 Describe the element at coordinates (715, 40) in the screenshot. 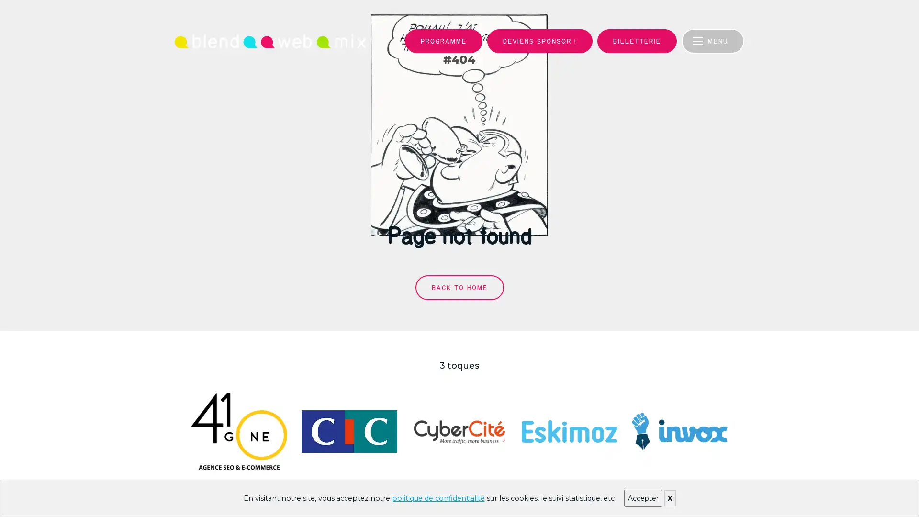

I see `MENU` at that location.